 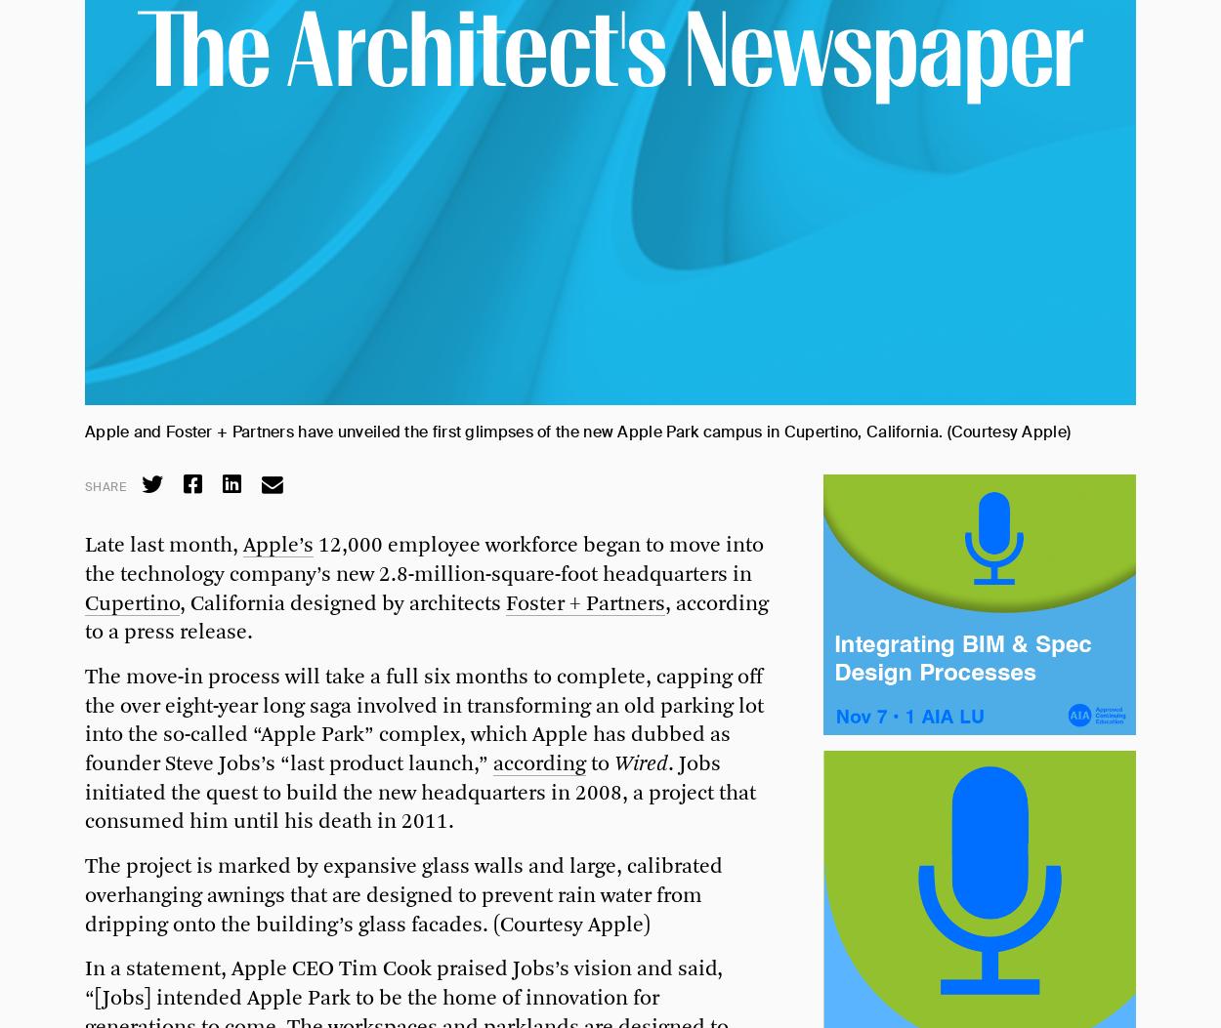 I want to click on 'Apple’s', so click(x=278, y=545).